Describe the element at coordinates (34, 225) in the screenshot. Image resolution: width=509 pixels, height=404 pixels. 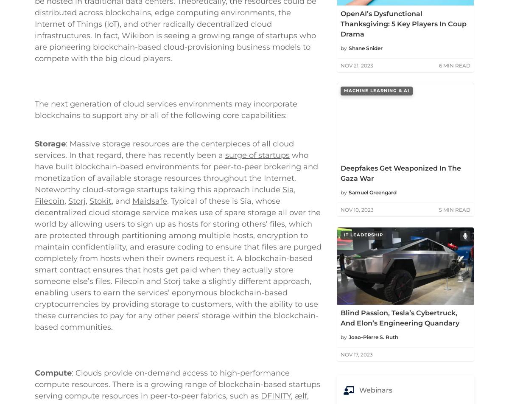
I see `'Storage'` at that location.